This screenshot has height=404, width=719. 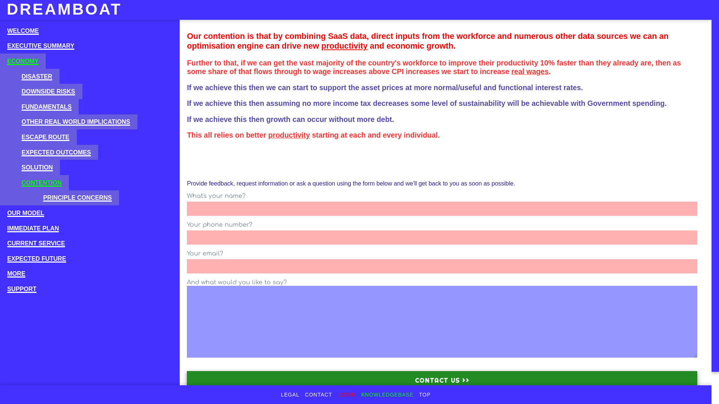 What do you see at coordinates (318, 394) in the screenshot?
I see `'CONTACT'` at bounding box center [318, 394].